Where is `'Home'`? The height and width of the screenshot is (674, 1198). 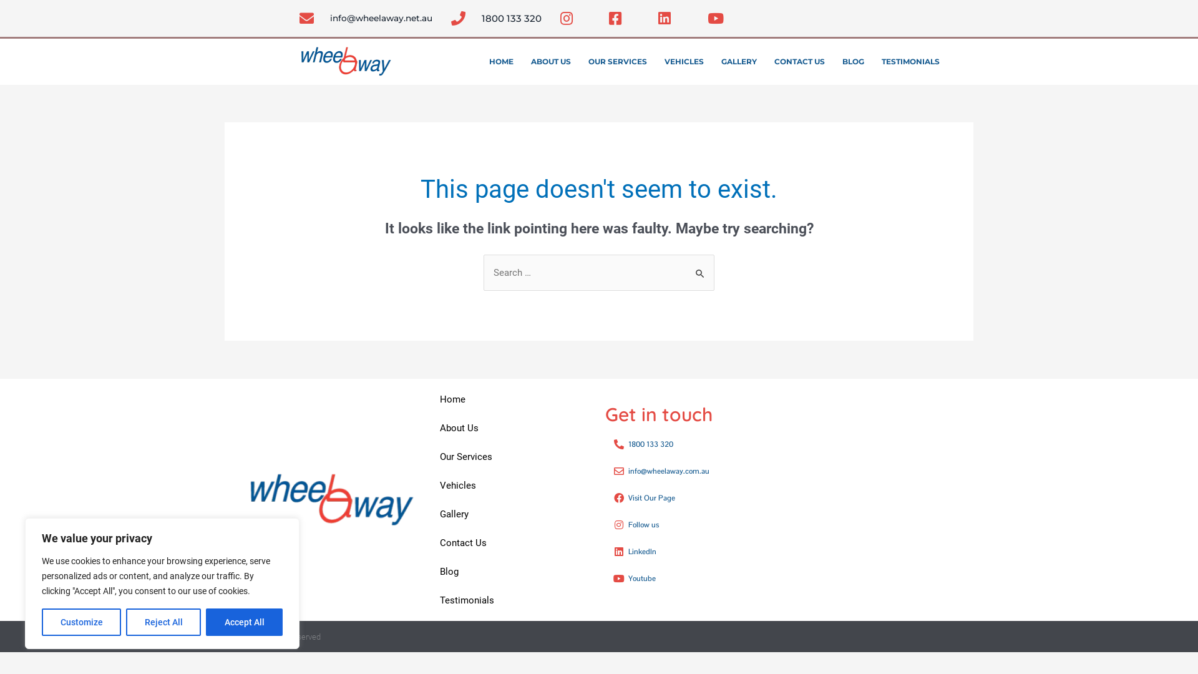
'Home' is located at coordinates (510, 399).